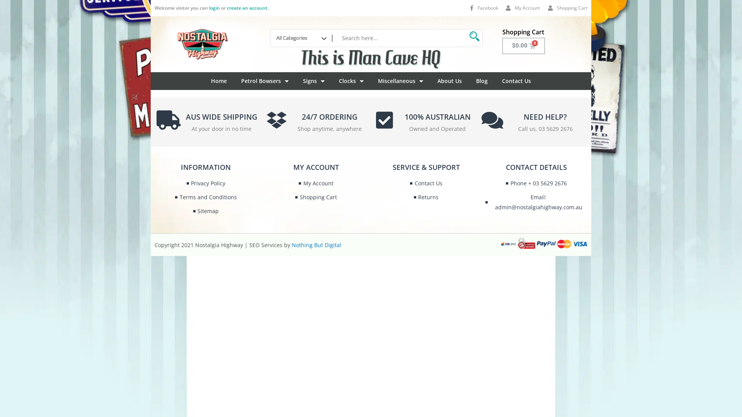  What do you see at coordinates (536, 202) in the screenshot?
I see `'Email: admin@nostalgiahighway.com.au'` at bounding box center [536, 202].